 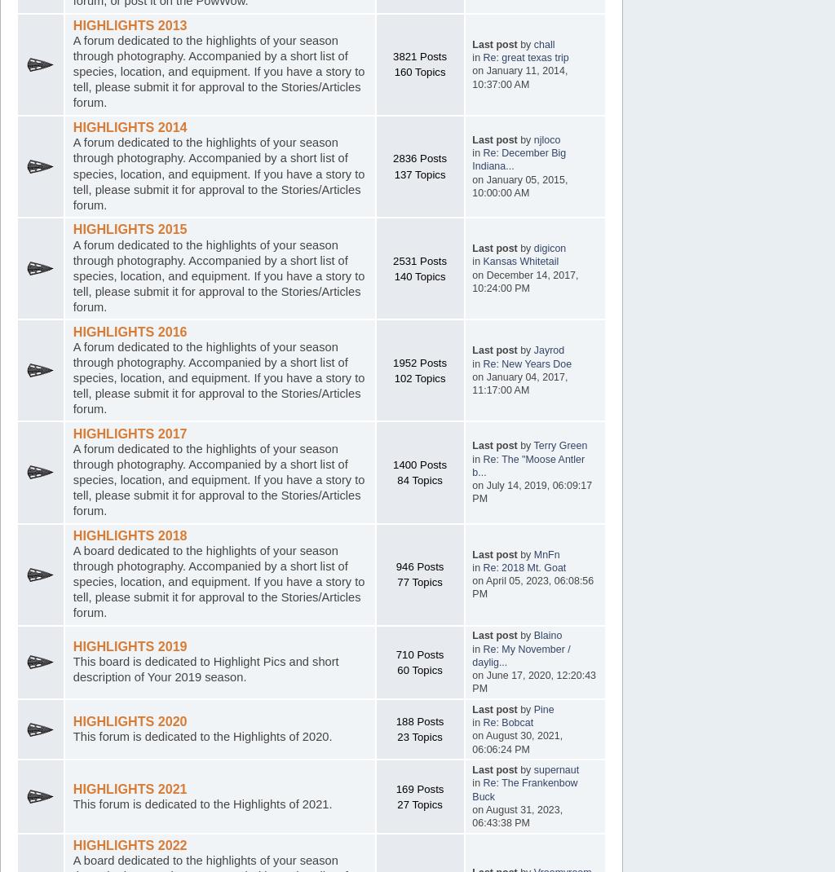 I want to click on 'on April 05, 2023, 06:08:56 PM', so click(x=532, y=586).